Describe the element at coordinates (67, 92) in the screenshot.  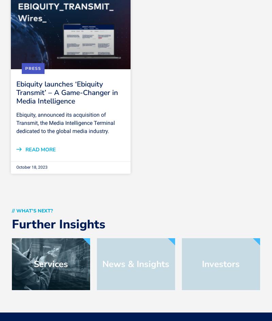
I see `'Ebiquity launches ‘Ebiquity Transmit’ – A Game-Changer in Media Intelligence'` at that location.